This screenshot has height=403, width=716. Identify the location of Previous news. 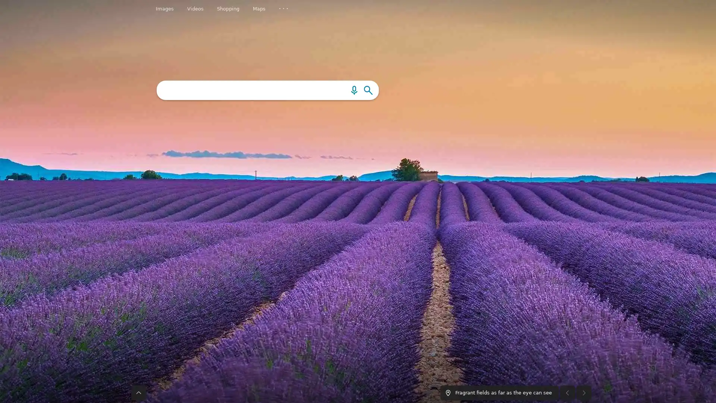
(114, 304).